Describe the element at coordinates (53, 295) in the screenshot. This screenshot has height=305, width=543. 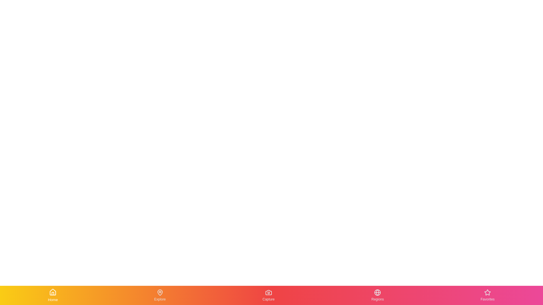
I see `the tab labeled Home to preview its tooltip` at that location.